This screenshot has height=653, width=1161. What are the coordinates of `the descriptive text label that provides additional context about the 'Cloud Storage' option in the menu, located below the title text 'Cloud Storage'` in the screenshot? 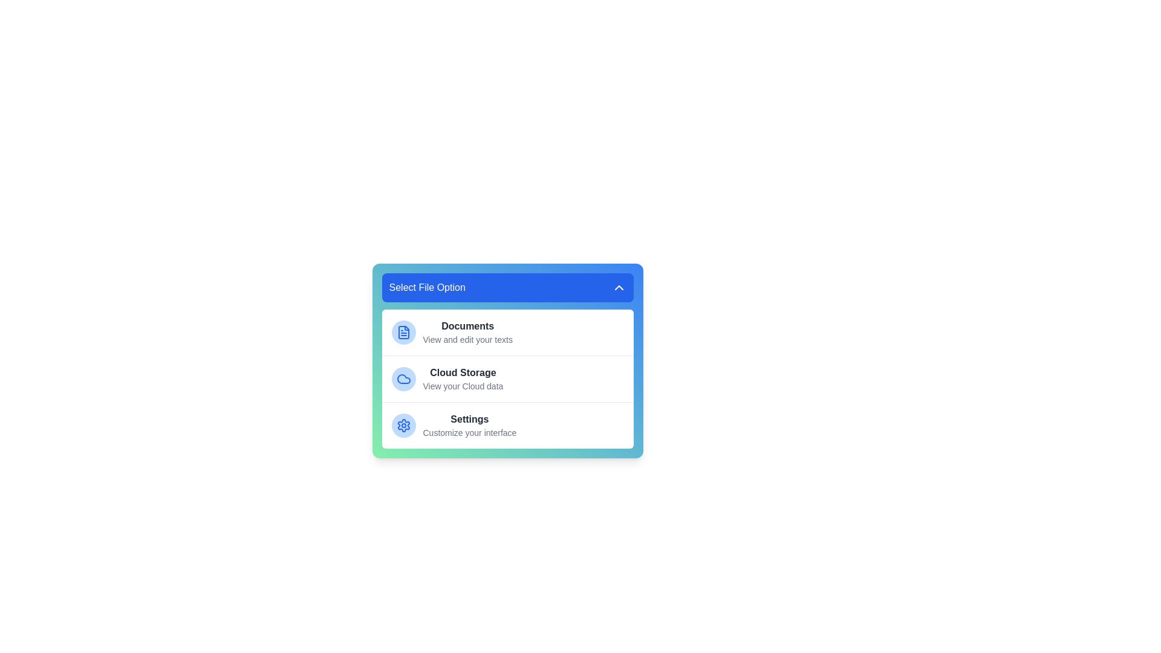 It's located at (462, 386).